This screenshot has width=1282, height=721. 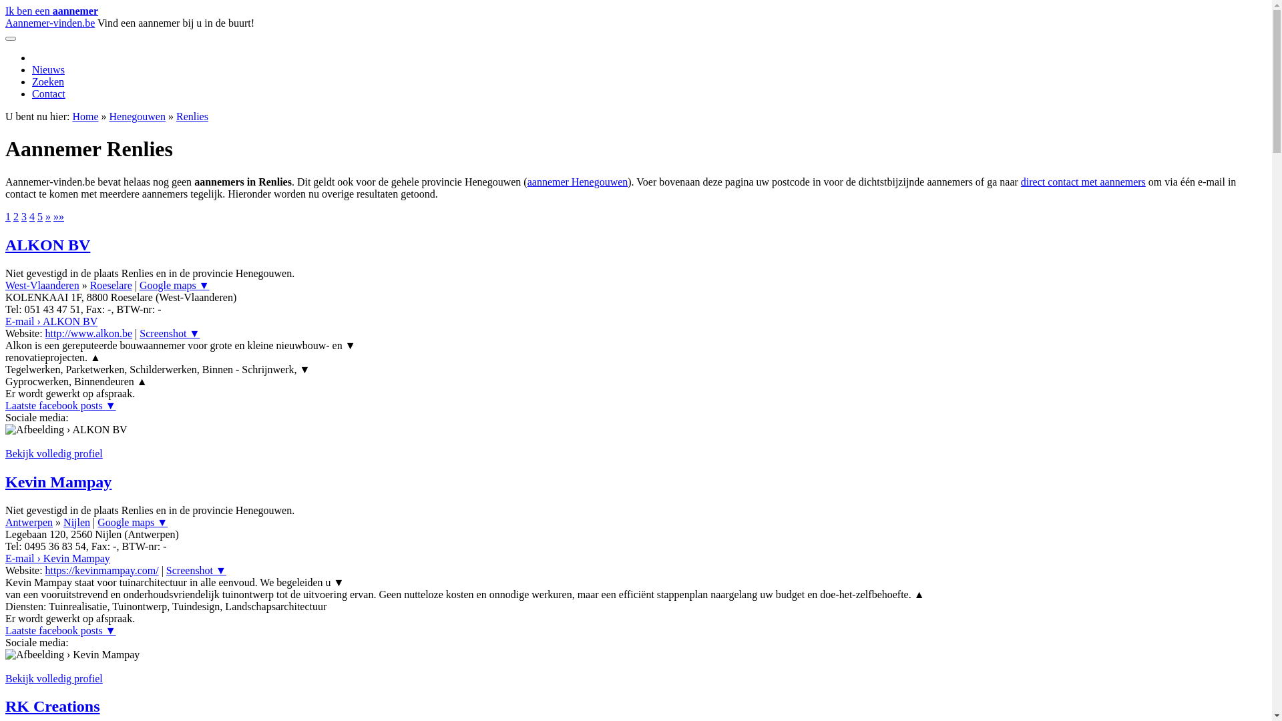 What do you see at coordinates (48, 93) in the screenshot?
I see `'Contact'` at bounding box center [48, 93].